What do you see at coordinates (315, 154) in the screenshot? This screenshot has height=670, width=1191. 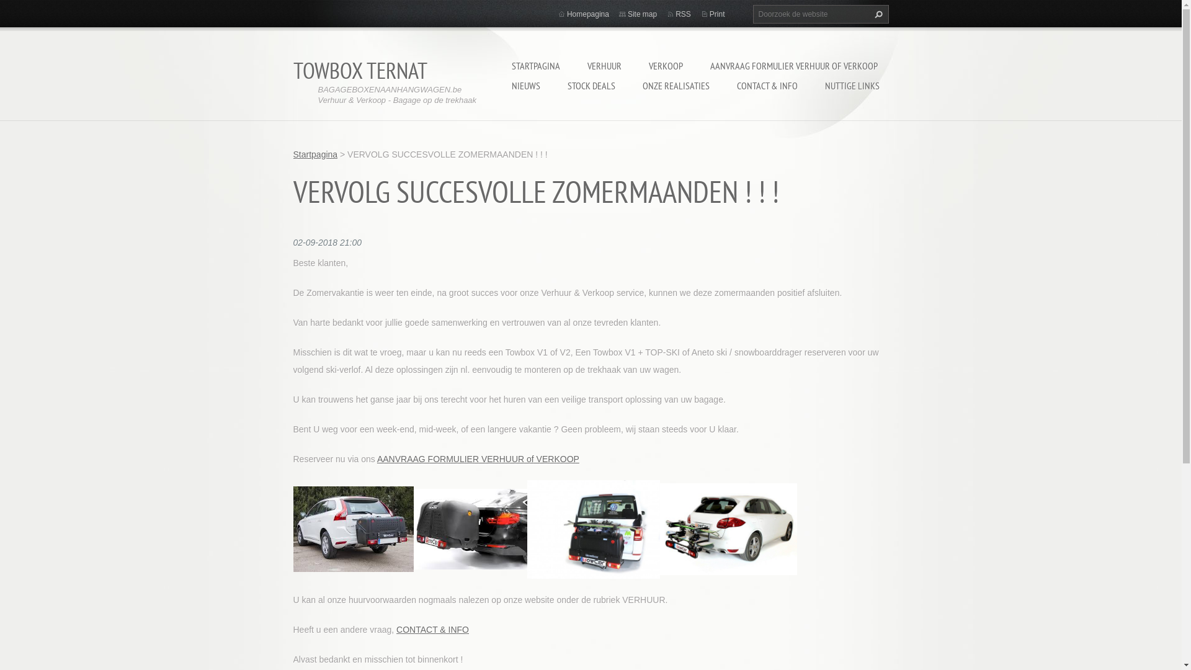 I see `'Startpagina'` at bounding box center [315, 154].